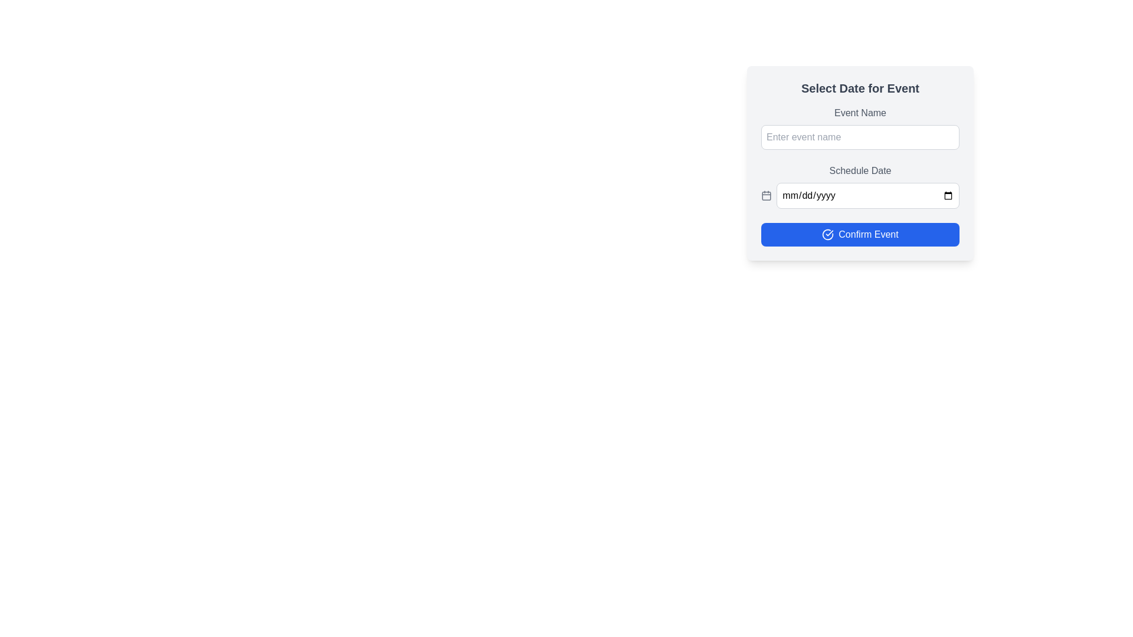 The width and height of the screenshot is (1133, 637). What do you see at coordinates (827, 234) in the screenshot?
I see `the circular checkmark icon inside the 'Confirm Event' button, located on the left side before the text 'Confirm Event'` at bounding box center [827, 234].